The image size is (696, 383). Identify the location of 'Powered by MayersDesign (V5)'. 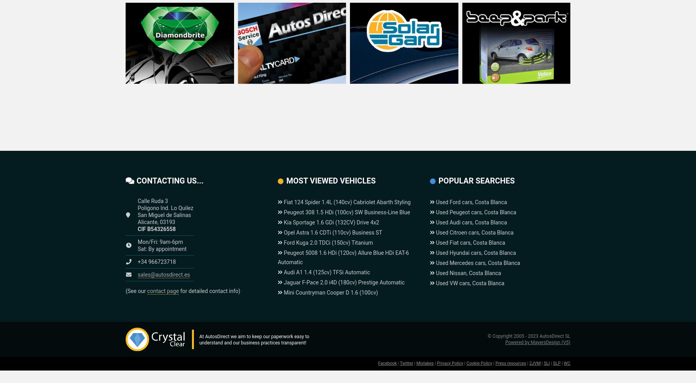
(505, 342).